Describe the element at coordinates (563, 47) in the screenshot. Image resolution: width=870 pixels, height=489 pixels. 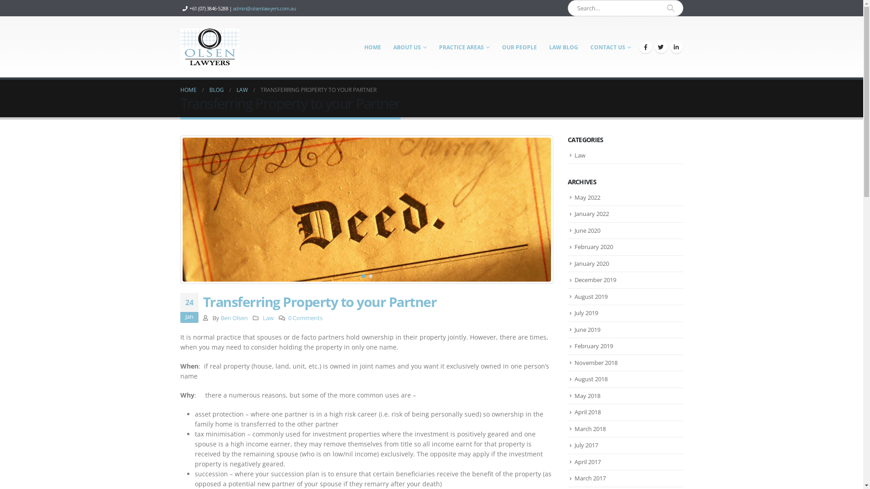
I see `'LAW BLOG'` at that location.